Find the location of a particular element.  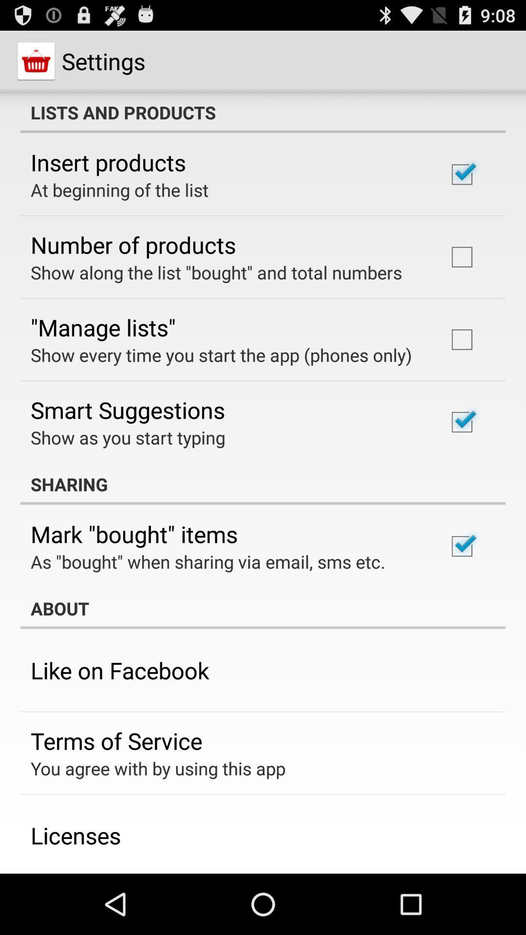

the like on facebook is located at coordinates (119, 670).